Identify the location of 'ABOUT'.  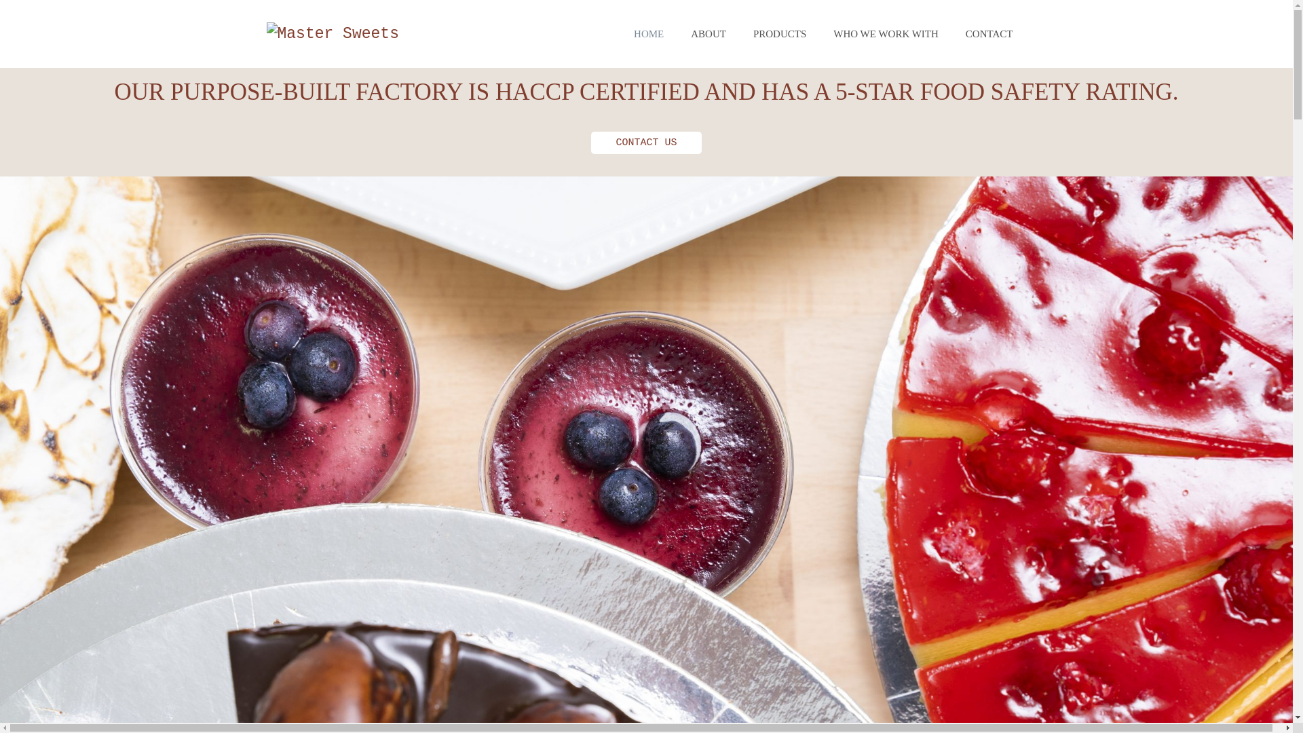
(707, 33).